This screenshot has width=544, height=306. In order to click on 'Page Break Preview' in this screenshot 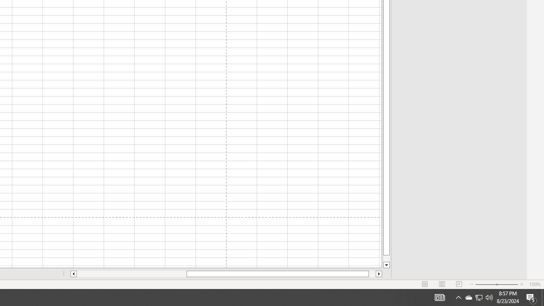, I will do `click(458, 284)`.